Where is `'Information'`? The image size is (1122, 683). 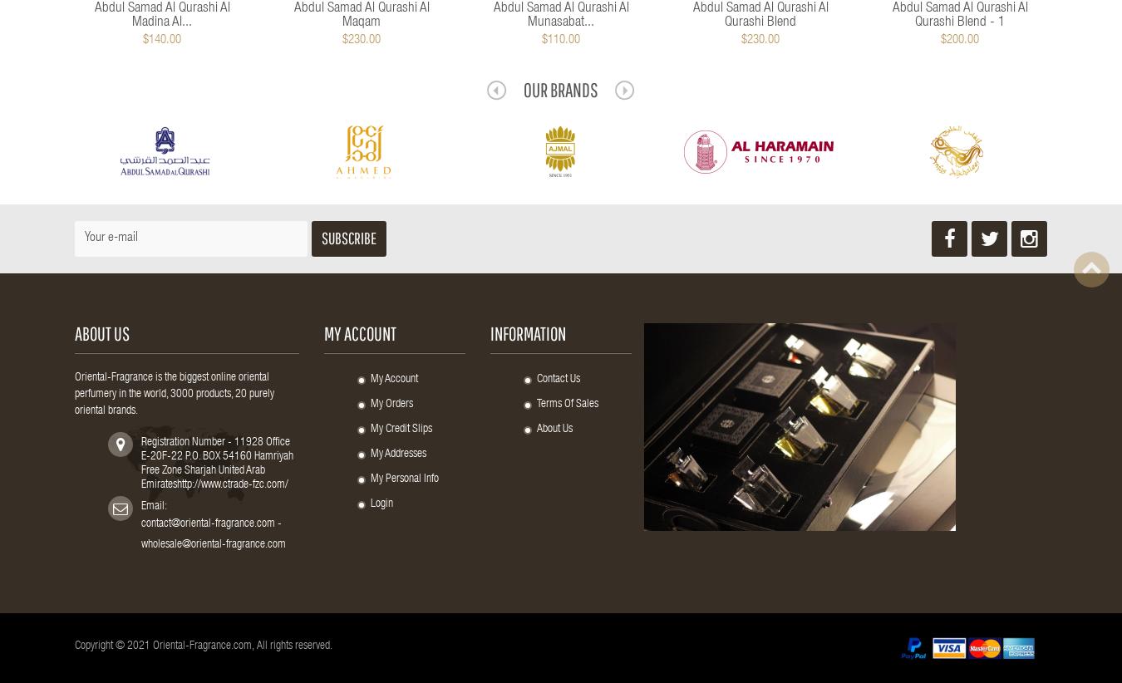
'Information' is located at coordinates (528, 332).